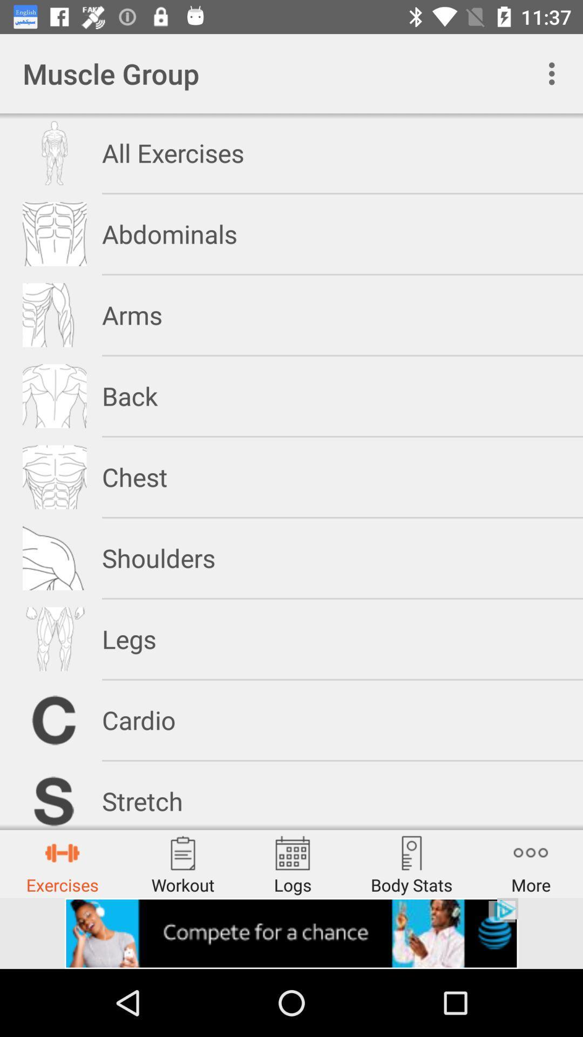 This screenshot has height=1037, width=583. Describe the element at coordinates (291, 933) in the screenshot. I see `new advertisement open box` at that location.